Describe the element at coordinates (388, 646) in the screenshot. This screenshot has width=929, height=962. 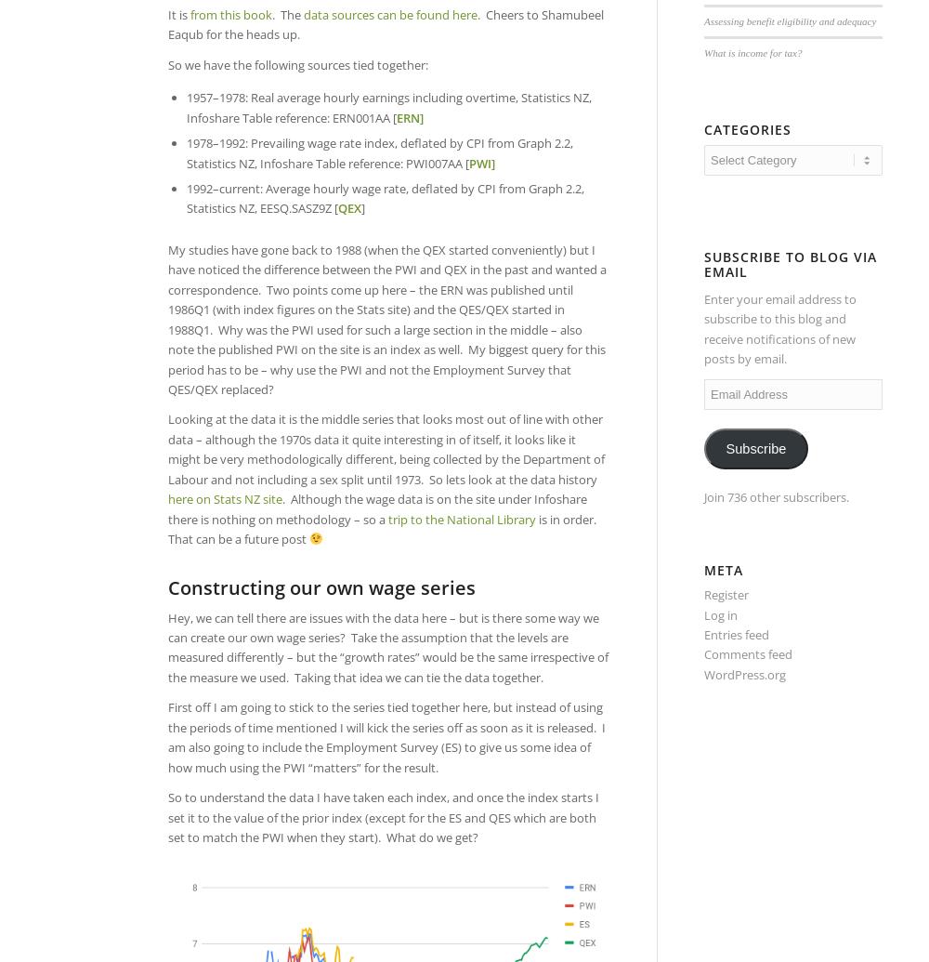
I see `'Hey, we can tell there are issues with the data here – but is there some way we can create our own wage series?  Take the assumption that the levels are measured differently – but the “growth rates” would be the same irrespective of the measure we used.  Taking that idea we can tie the data together.'` at that location.